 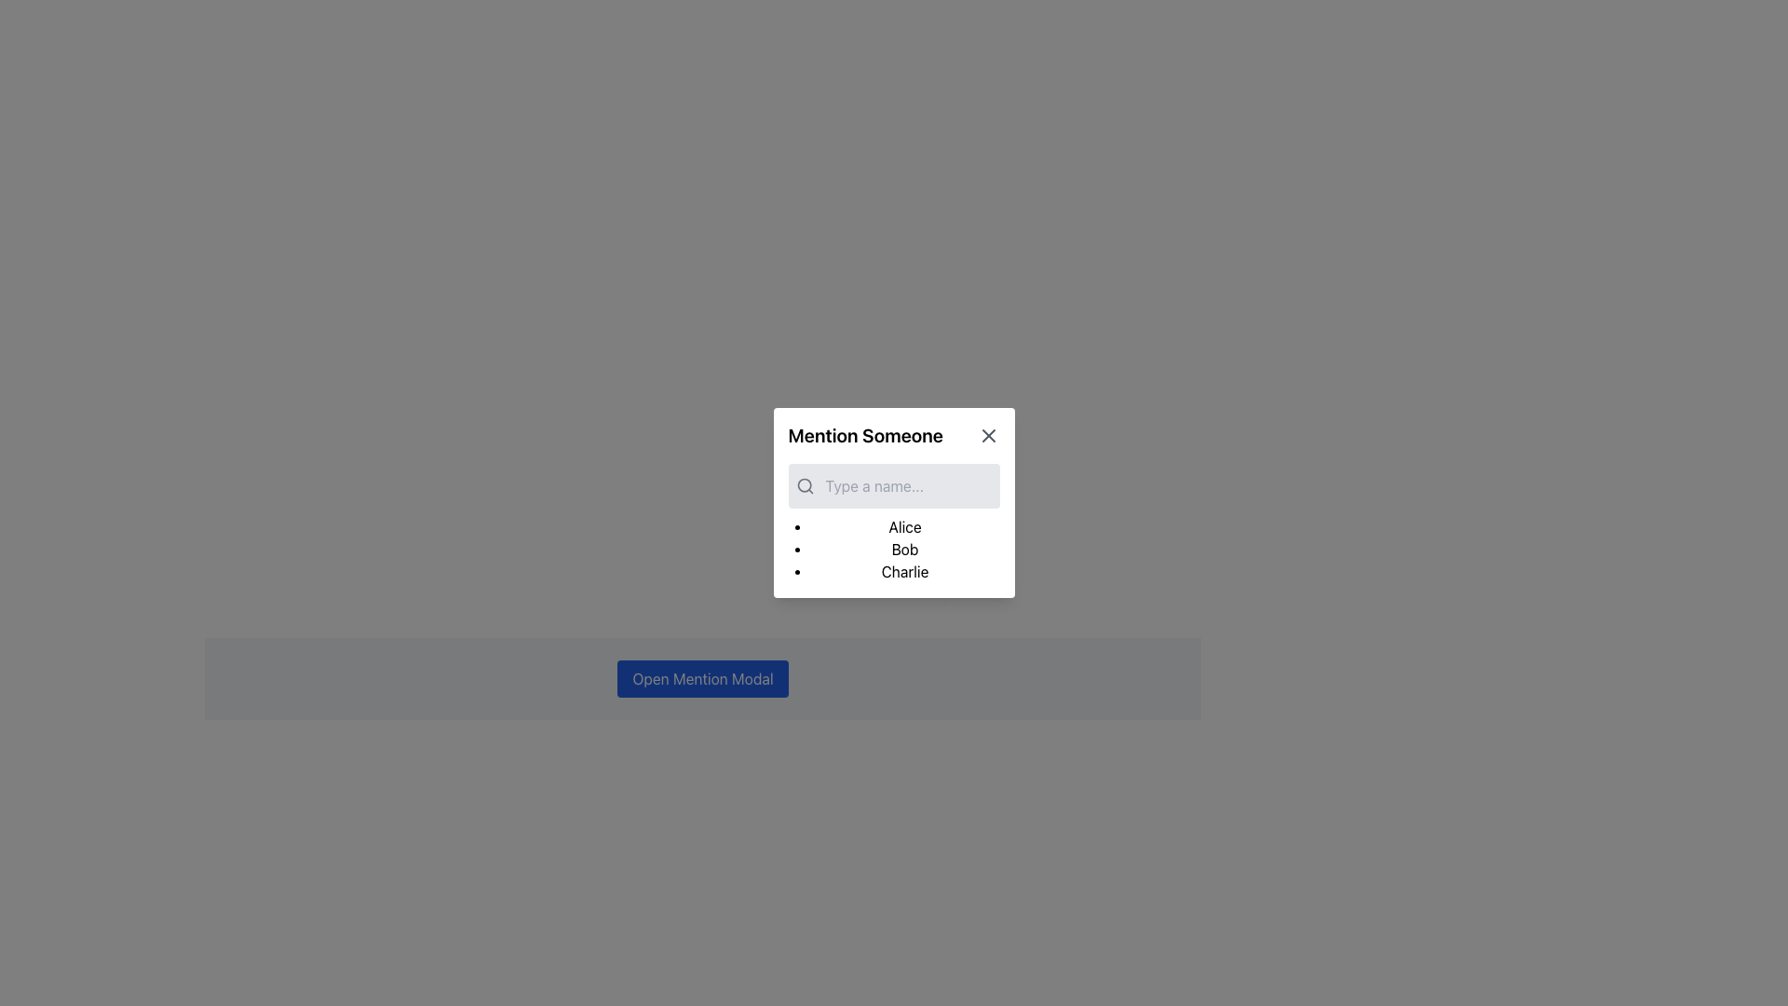 What do you see at coordinates (904, 549) in the screenshot?
I see `the text label displaying 'Bob'` at bounding box center [904, 549].